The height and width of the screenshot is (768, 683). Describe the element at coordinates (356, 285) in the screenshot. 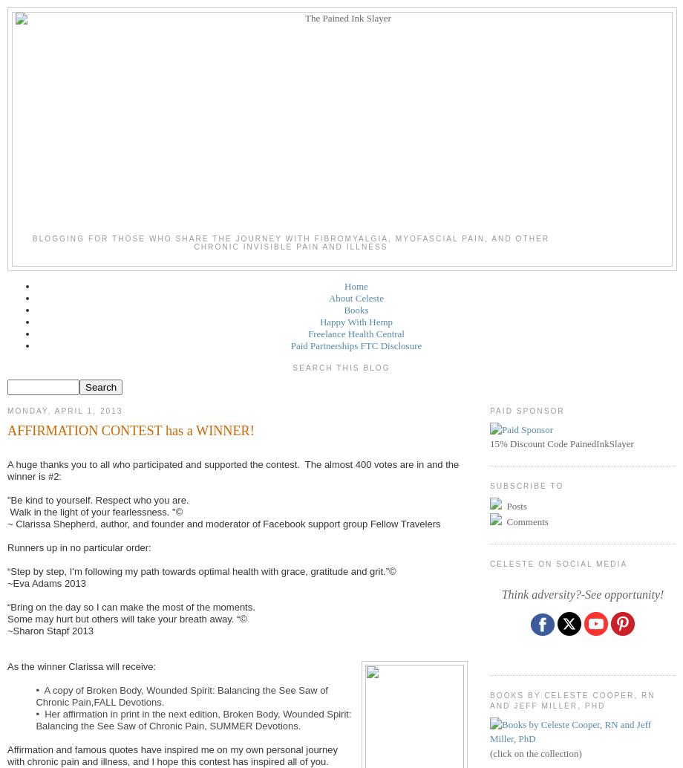

I see `'Home'` at that location.